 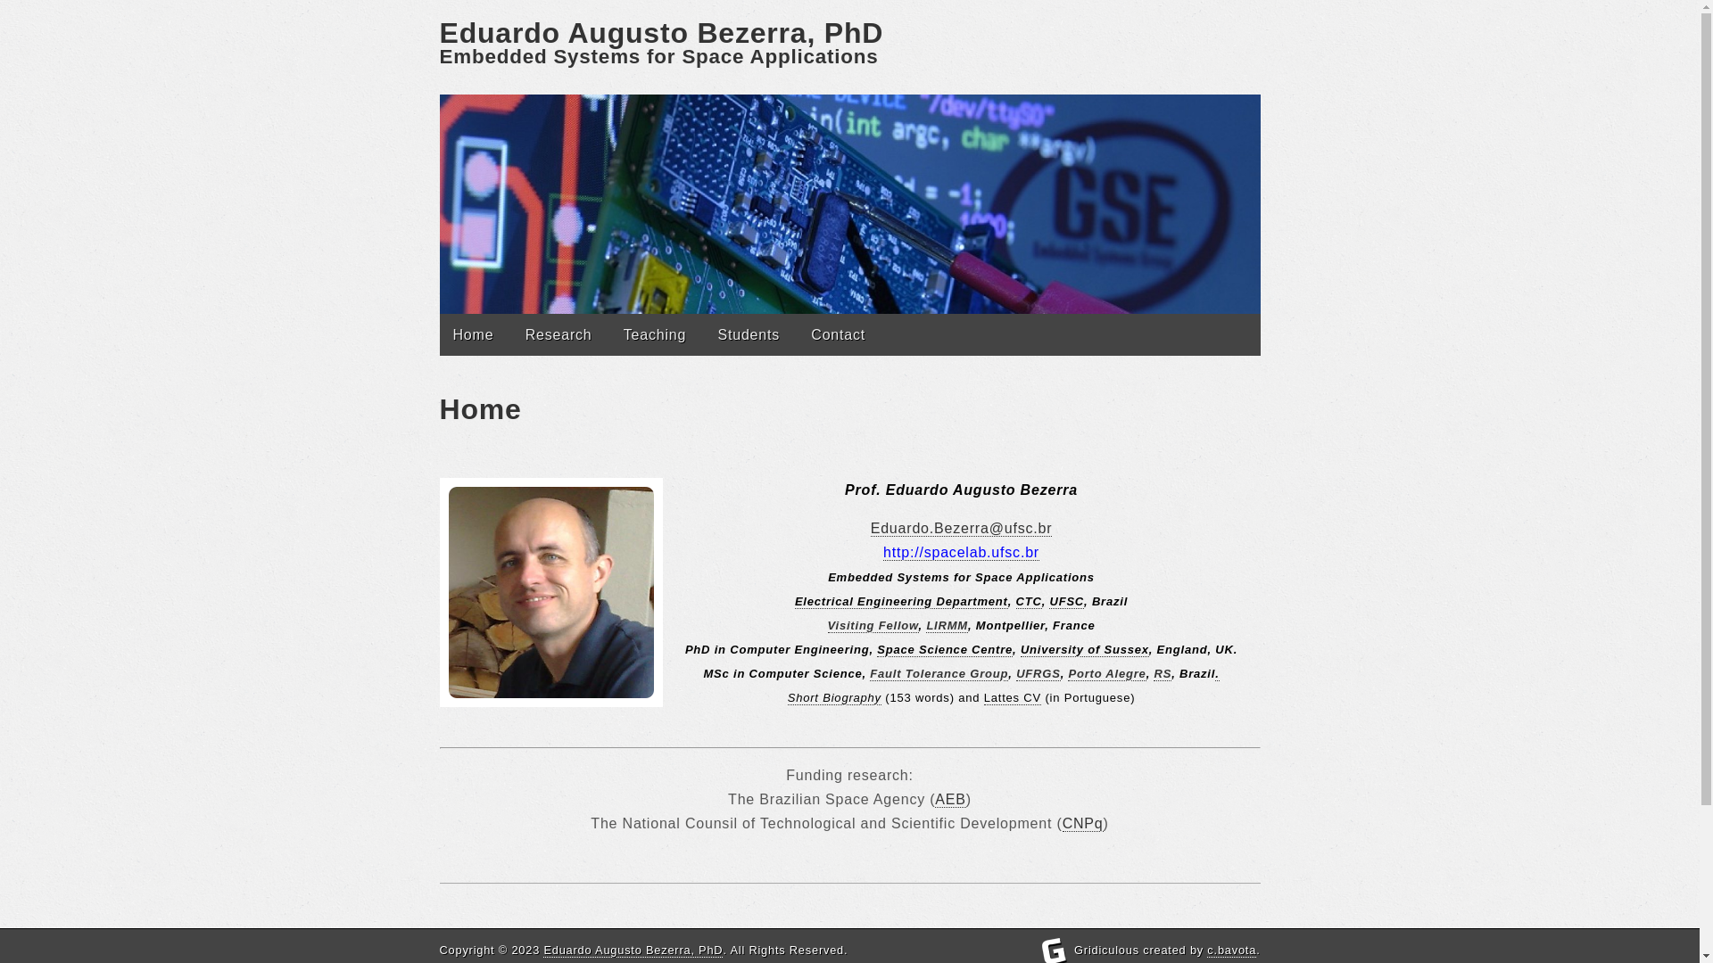 What do you see at coordinates (833, 697) in the screenshot?
I see `'Short Biography'` at bounding box center [833, 697].